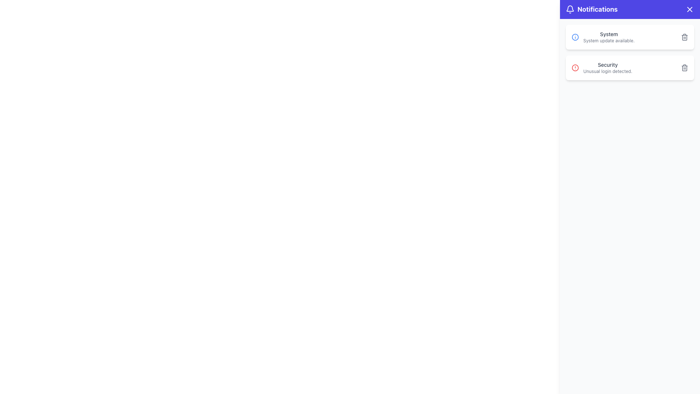  What do you see at coordinates (575, 67) in the screenshot?
I see `the alert icon representing a warning notification, located in the second item of the vertical notification list next to the text 'Security'` at bounding box center [575, 67].